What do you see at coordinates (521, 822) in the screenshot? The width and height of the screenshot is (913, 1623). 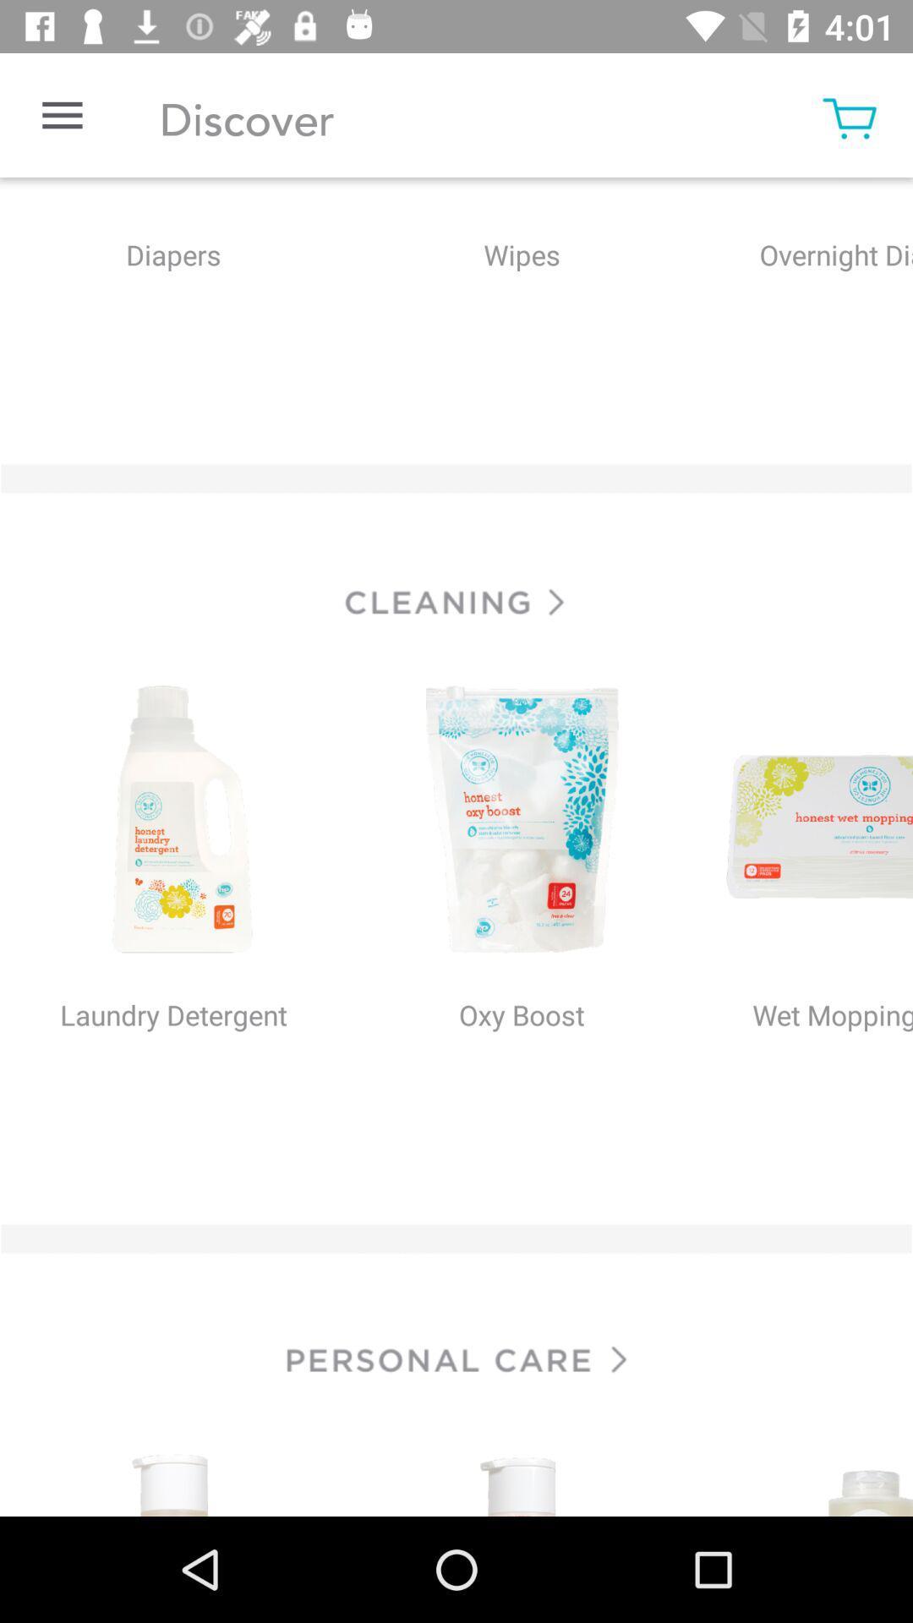 I see `the product image which is above the text oxy boost` at bounding box center [521, 822].